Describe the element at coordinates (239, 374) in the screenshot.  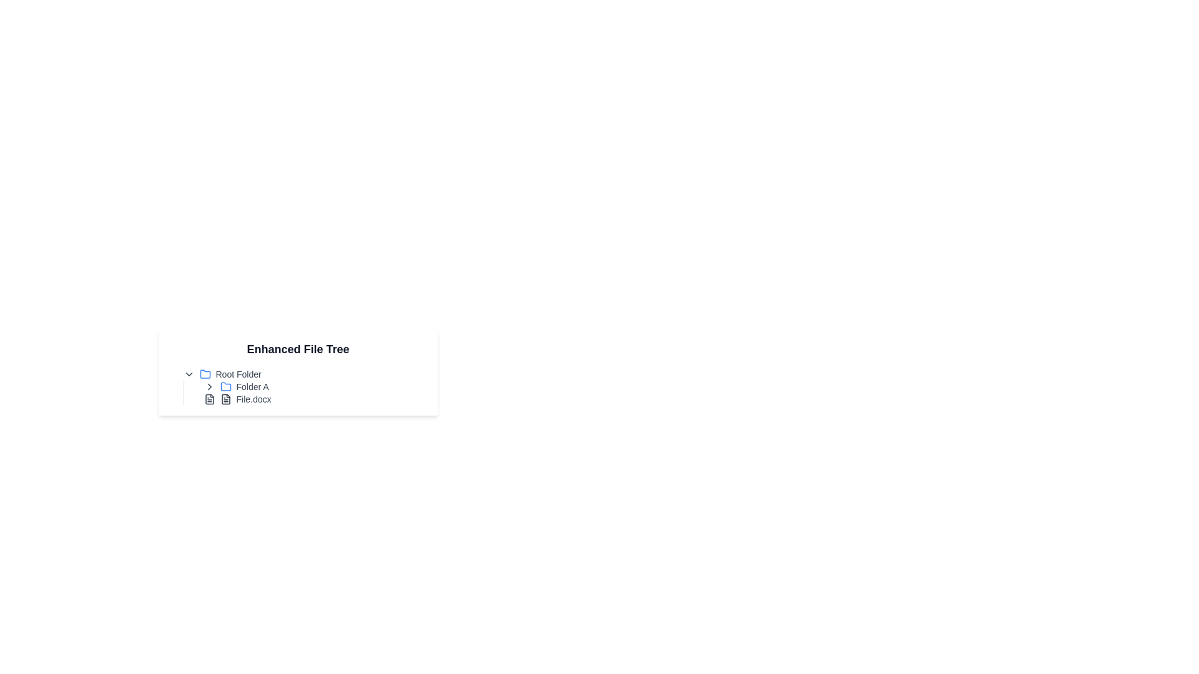
I see `the static text label displaying 'Root Folder' which is styled in a grayish font and is positioned next to a folder icon at the top of the file tree hierarchy` at that location.